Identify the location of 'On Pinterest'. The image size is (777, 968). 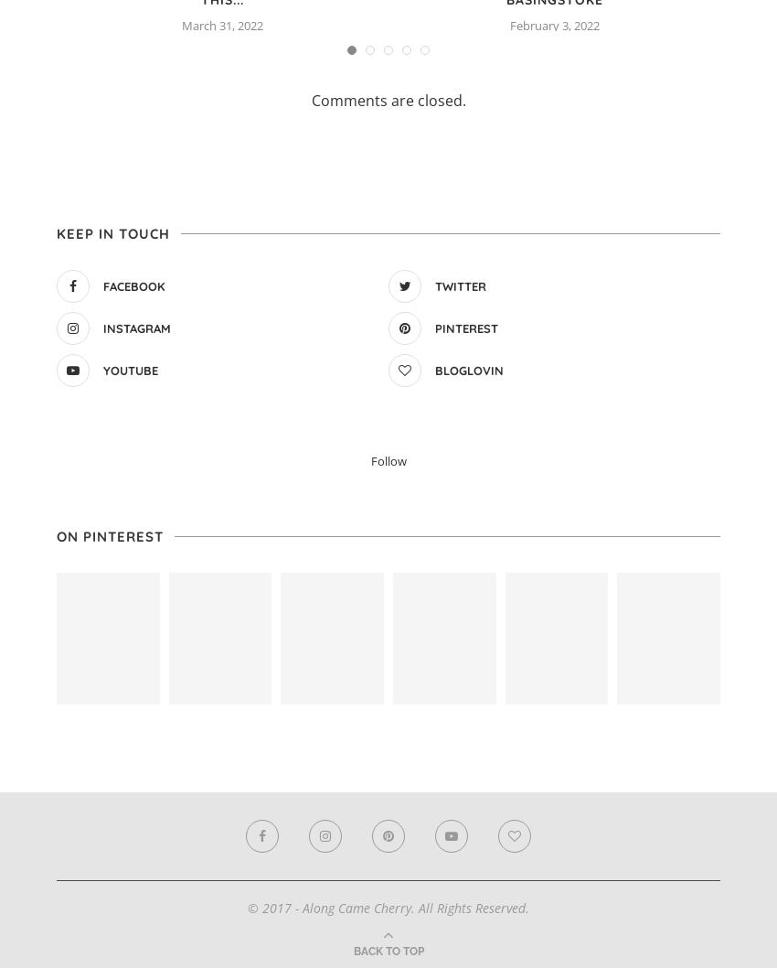
(56, 535).